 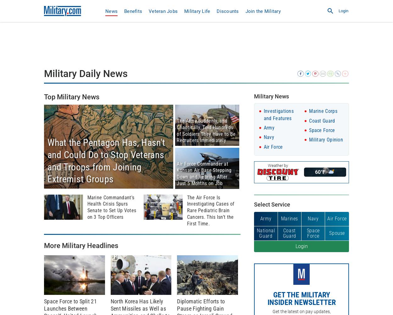 I want to click on 'Military News', so click(x=271, y=96).